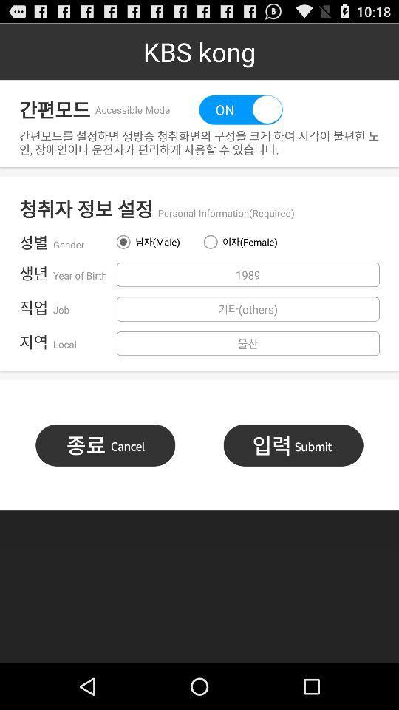  Describe the element at coordinates (242, 242) in the screenshot. I see `the button above 1989 button` at that location.